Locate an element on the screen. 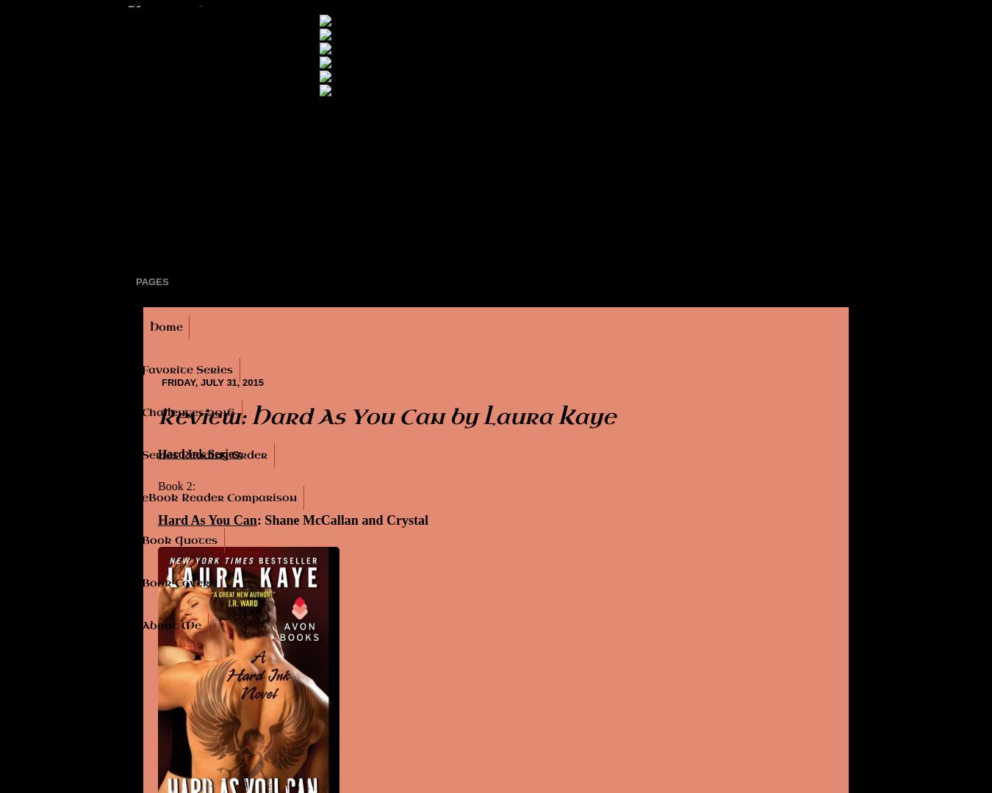 This screenshot has width=992, height=793. 'Review: Hard As You Can by Laura Kaye' is located at coordinates (386, 416).